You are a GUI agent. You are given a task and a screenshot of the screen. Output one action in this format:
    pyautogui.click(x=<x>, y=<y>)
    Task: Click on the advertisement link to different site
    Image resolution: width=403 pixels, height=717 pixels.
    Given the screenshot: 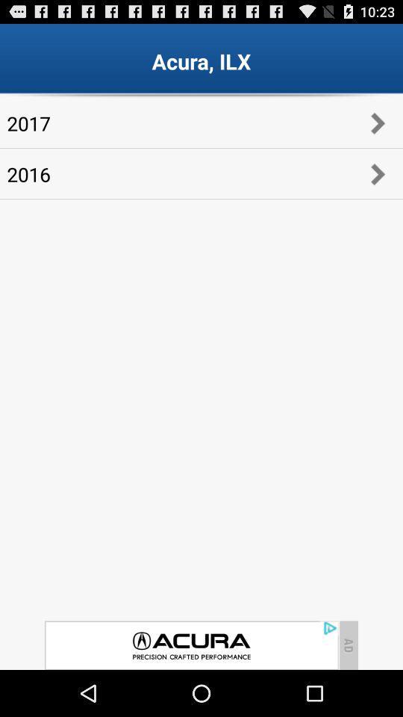 What is the action you would take?
    pyautogui.click(x=191, y=645)
    